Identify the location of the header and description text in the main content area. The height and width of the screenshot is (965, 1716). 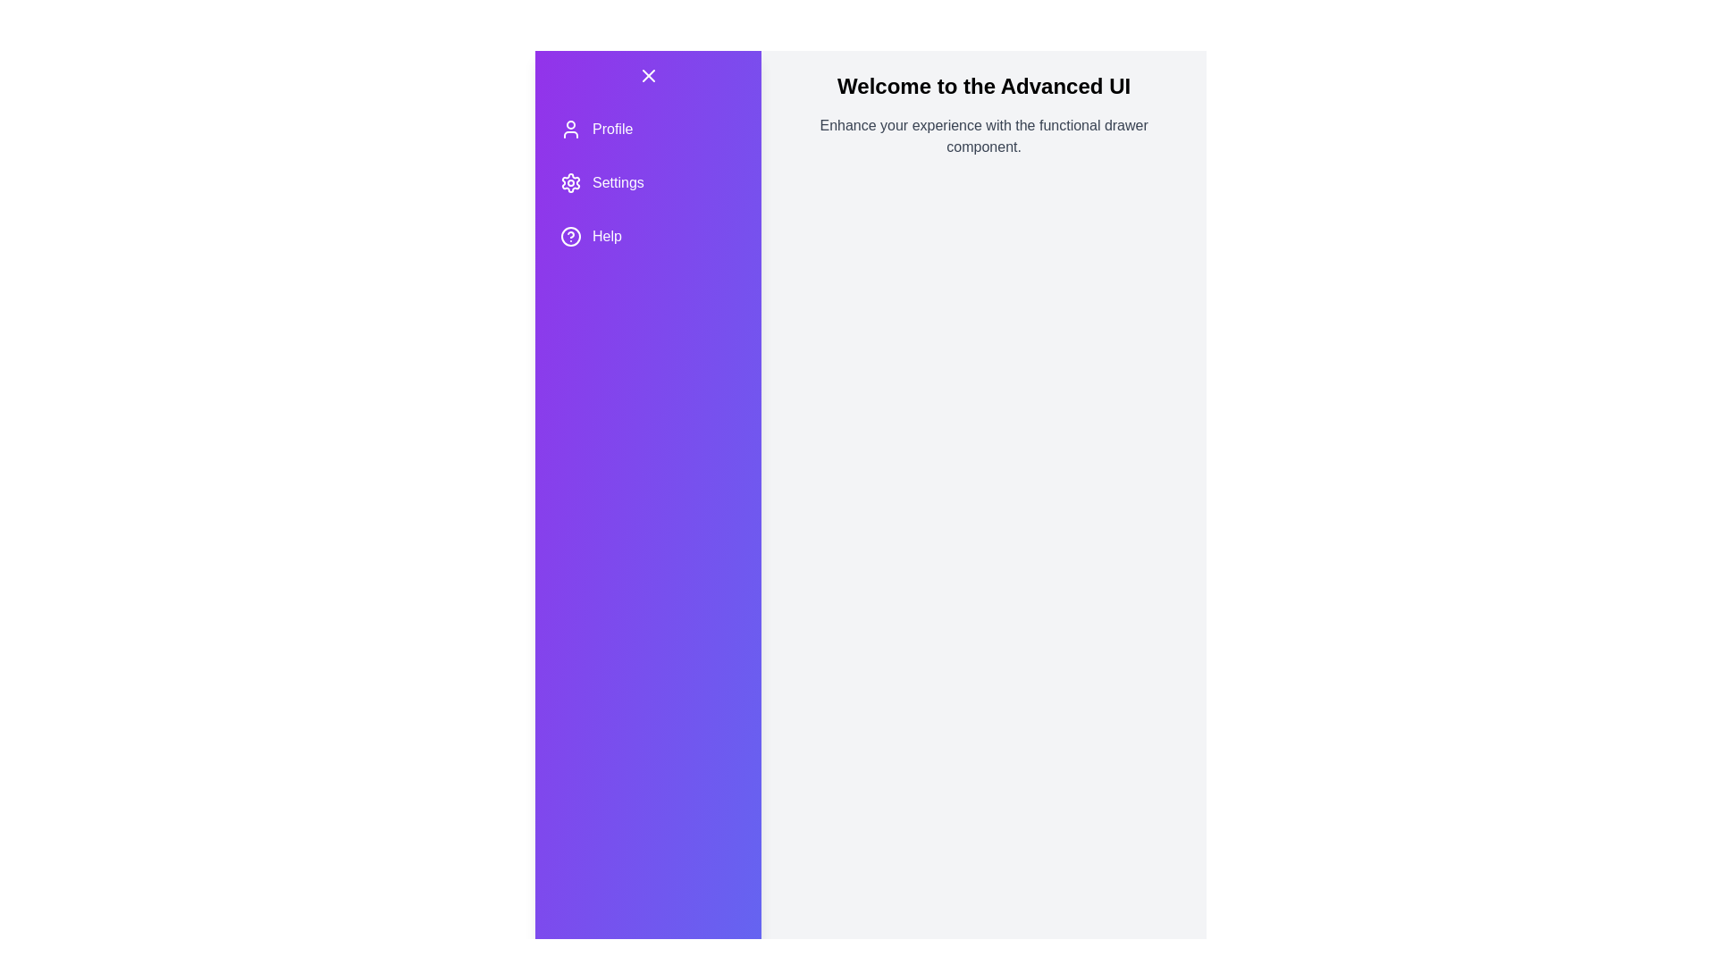
(982, 86).